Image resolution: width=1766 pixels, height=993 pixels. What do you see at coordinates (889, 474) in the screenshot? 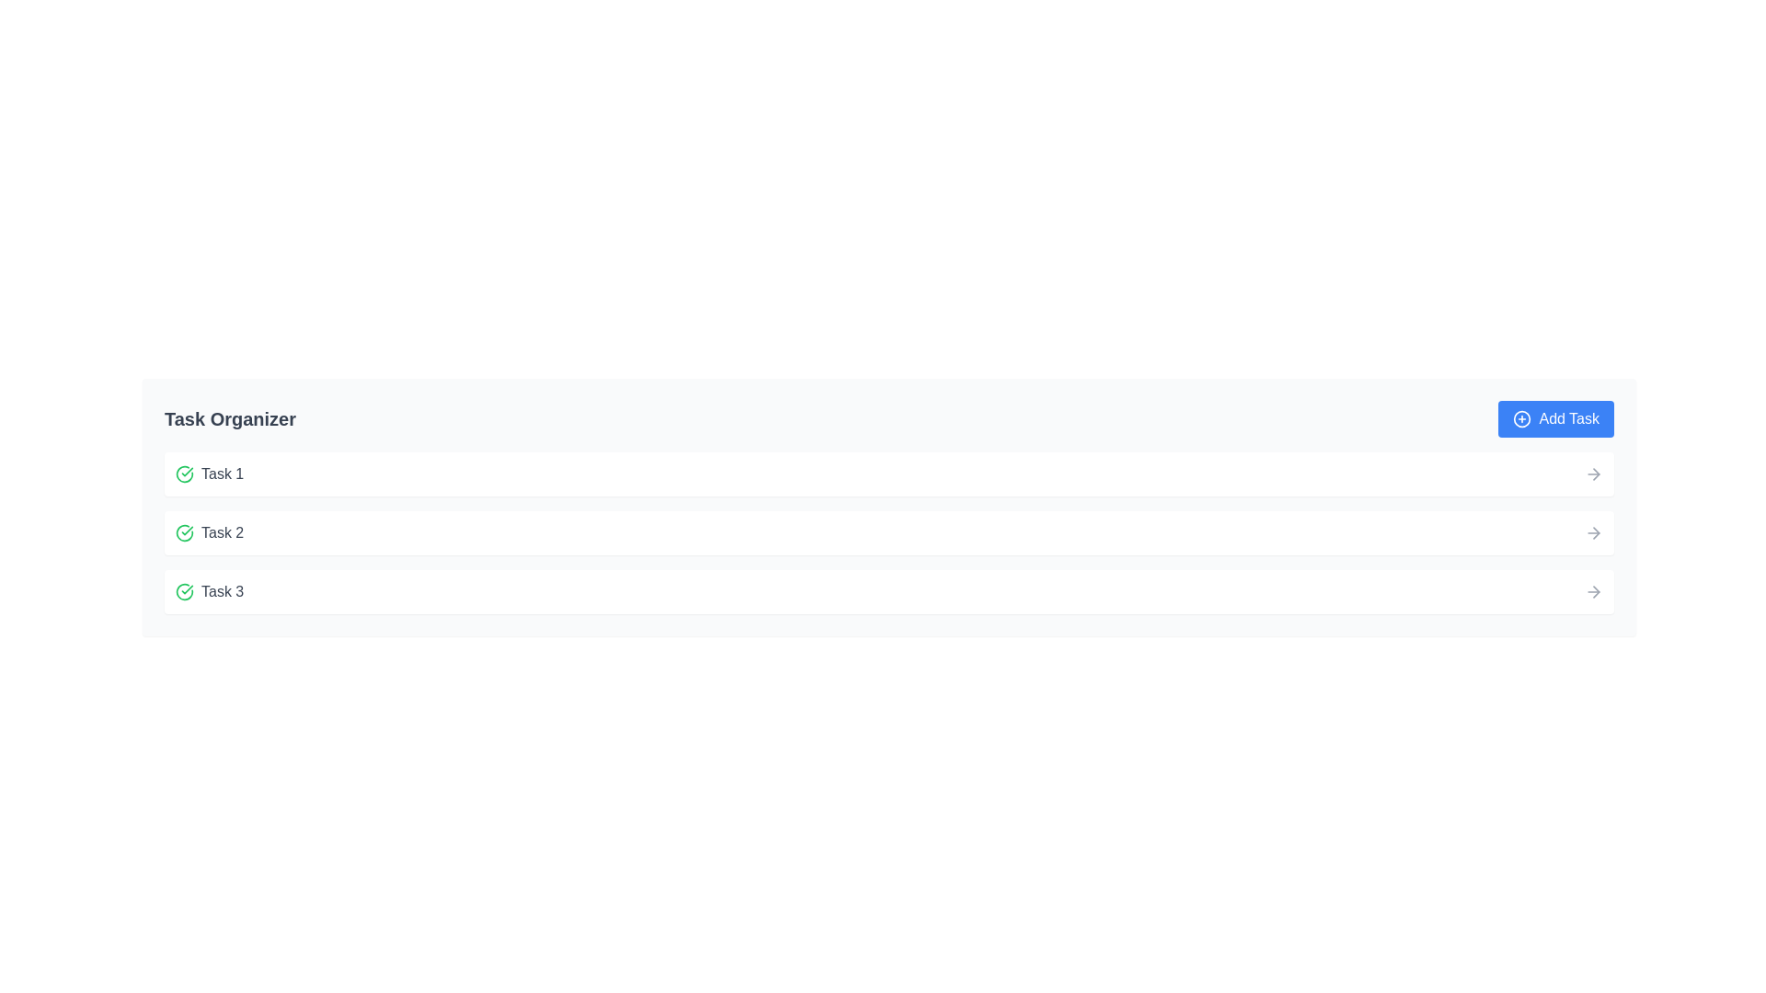
I see `the first task entry in the list labeled 'Task 1'` at bounding box center [889, 474].